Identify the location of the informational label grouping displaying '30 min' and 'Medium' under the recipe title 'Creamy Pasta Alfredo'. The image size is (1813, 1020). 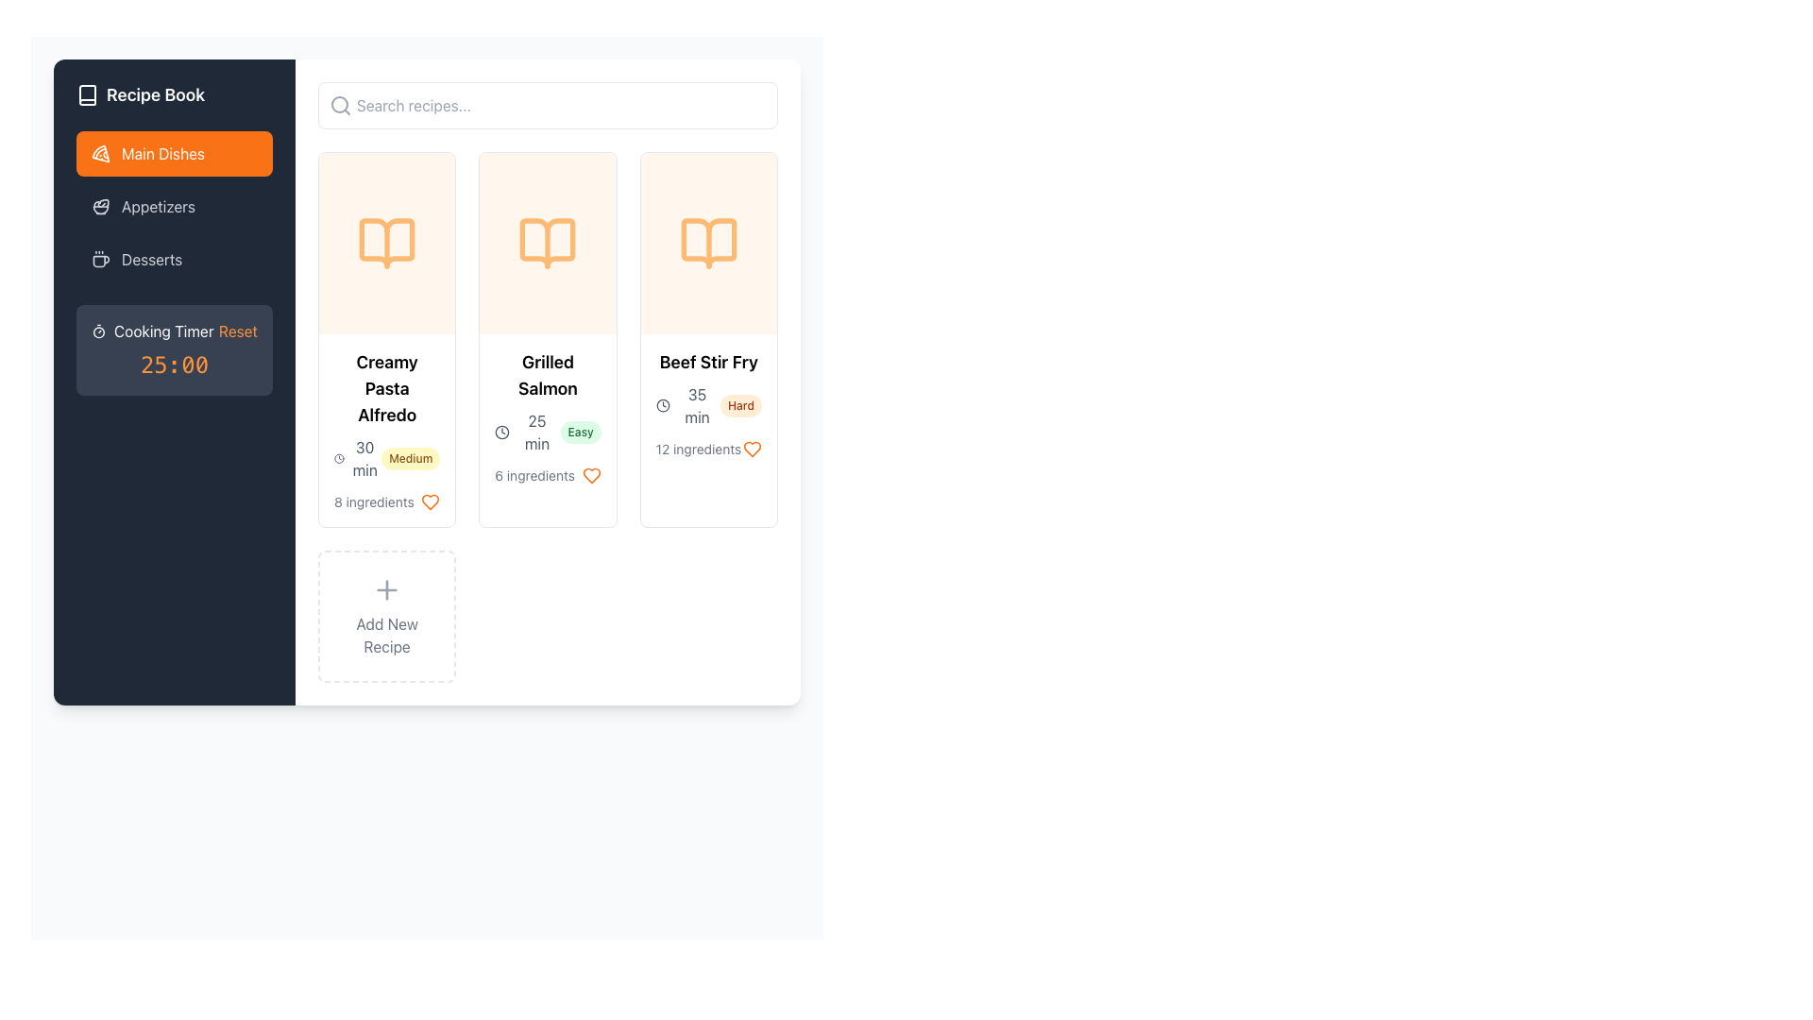
(386, 459).